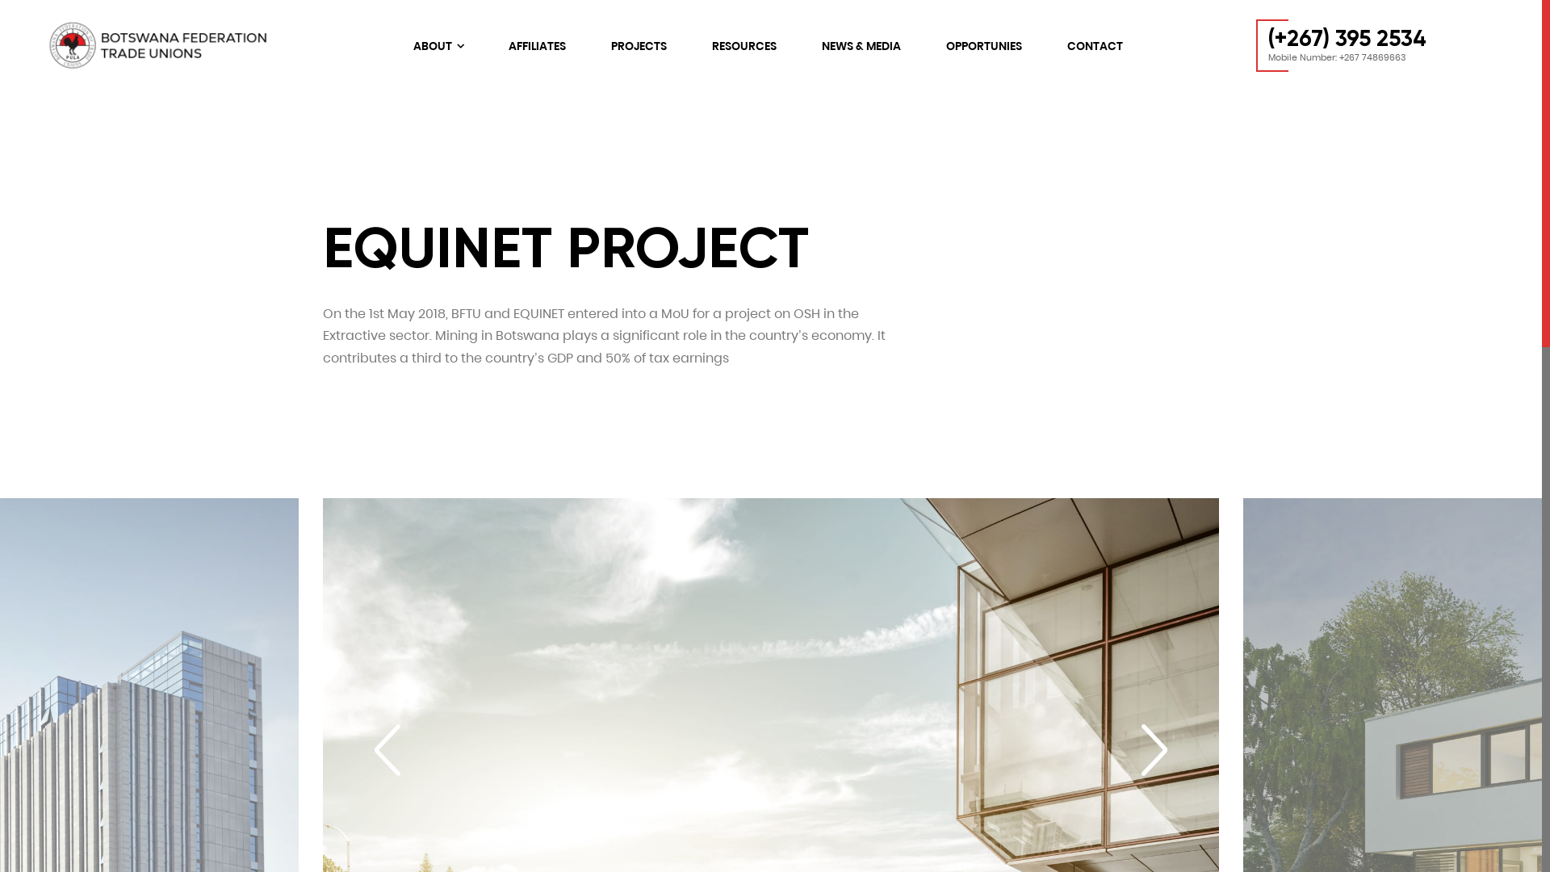 The width and height of the screenshot is (1550, 872). Describe the element at coordinates (610, 45) in the screenshot. I see `'PROJECTS'` at that location.